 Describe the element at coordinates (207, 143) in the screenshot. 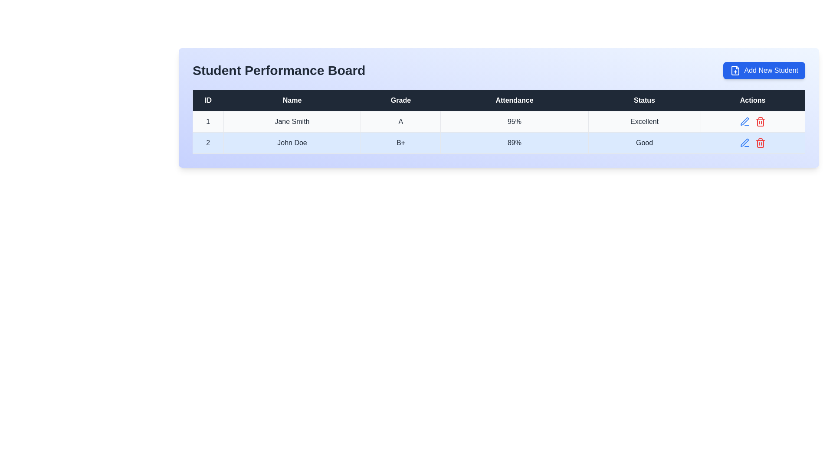

I see `the Table Cell in the second row and first column under the header 'ID', which uniquely identifies the row for the entity 'John Doe'` at that location.